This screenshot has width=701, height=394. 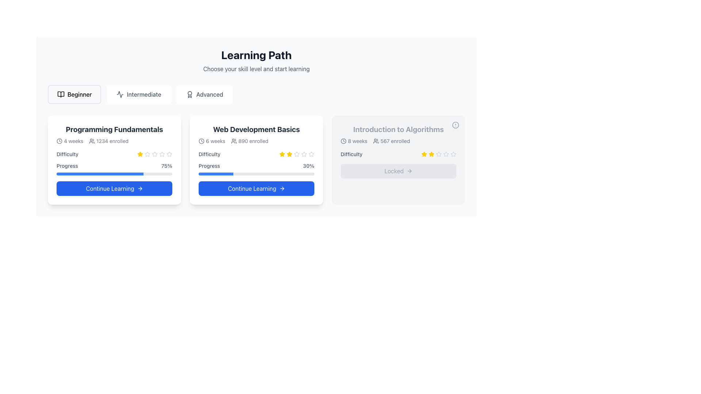 I want to click on the fifth star icon with a gray outline in the rating component of the 'Introduction to Algorithms' course card, so click(x=438, y=154).